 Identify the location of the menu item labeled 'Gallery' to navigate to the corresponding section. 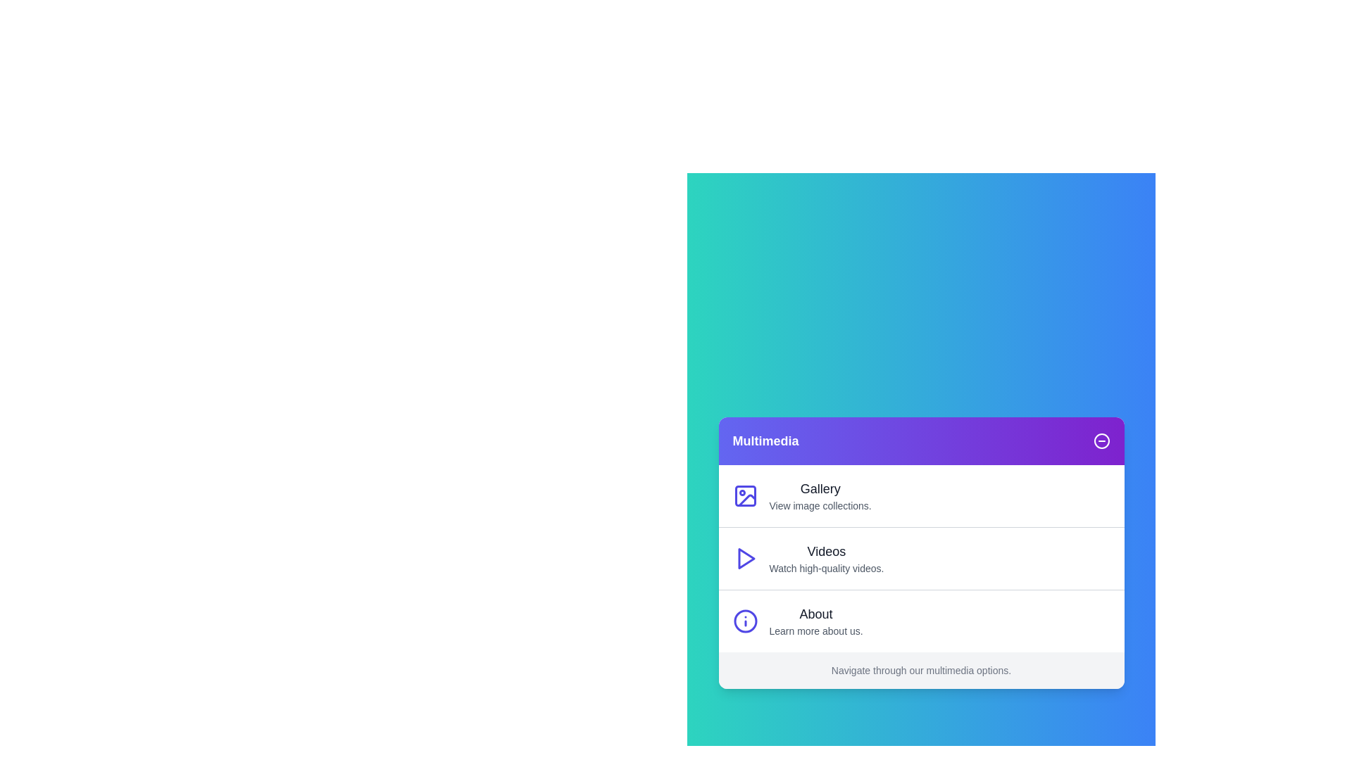
(921, 495).